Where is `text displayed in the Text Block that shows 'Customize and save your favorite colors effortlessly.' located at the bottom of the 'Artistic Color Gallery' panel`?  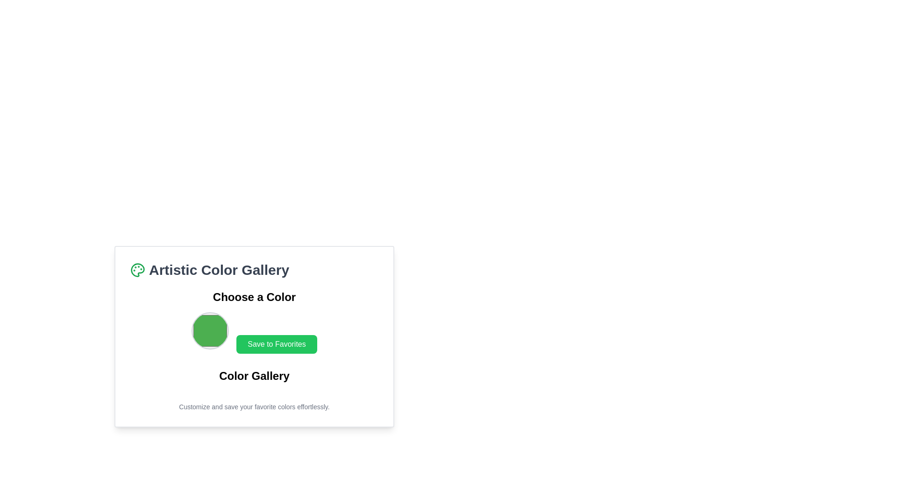 text displayed in the Text Block that shows 'Customize and save your favorite colors effortlessly.' located at the bottom of the 'Artistic Color Gallery' panel is located at coordinates (254, 406).